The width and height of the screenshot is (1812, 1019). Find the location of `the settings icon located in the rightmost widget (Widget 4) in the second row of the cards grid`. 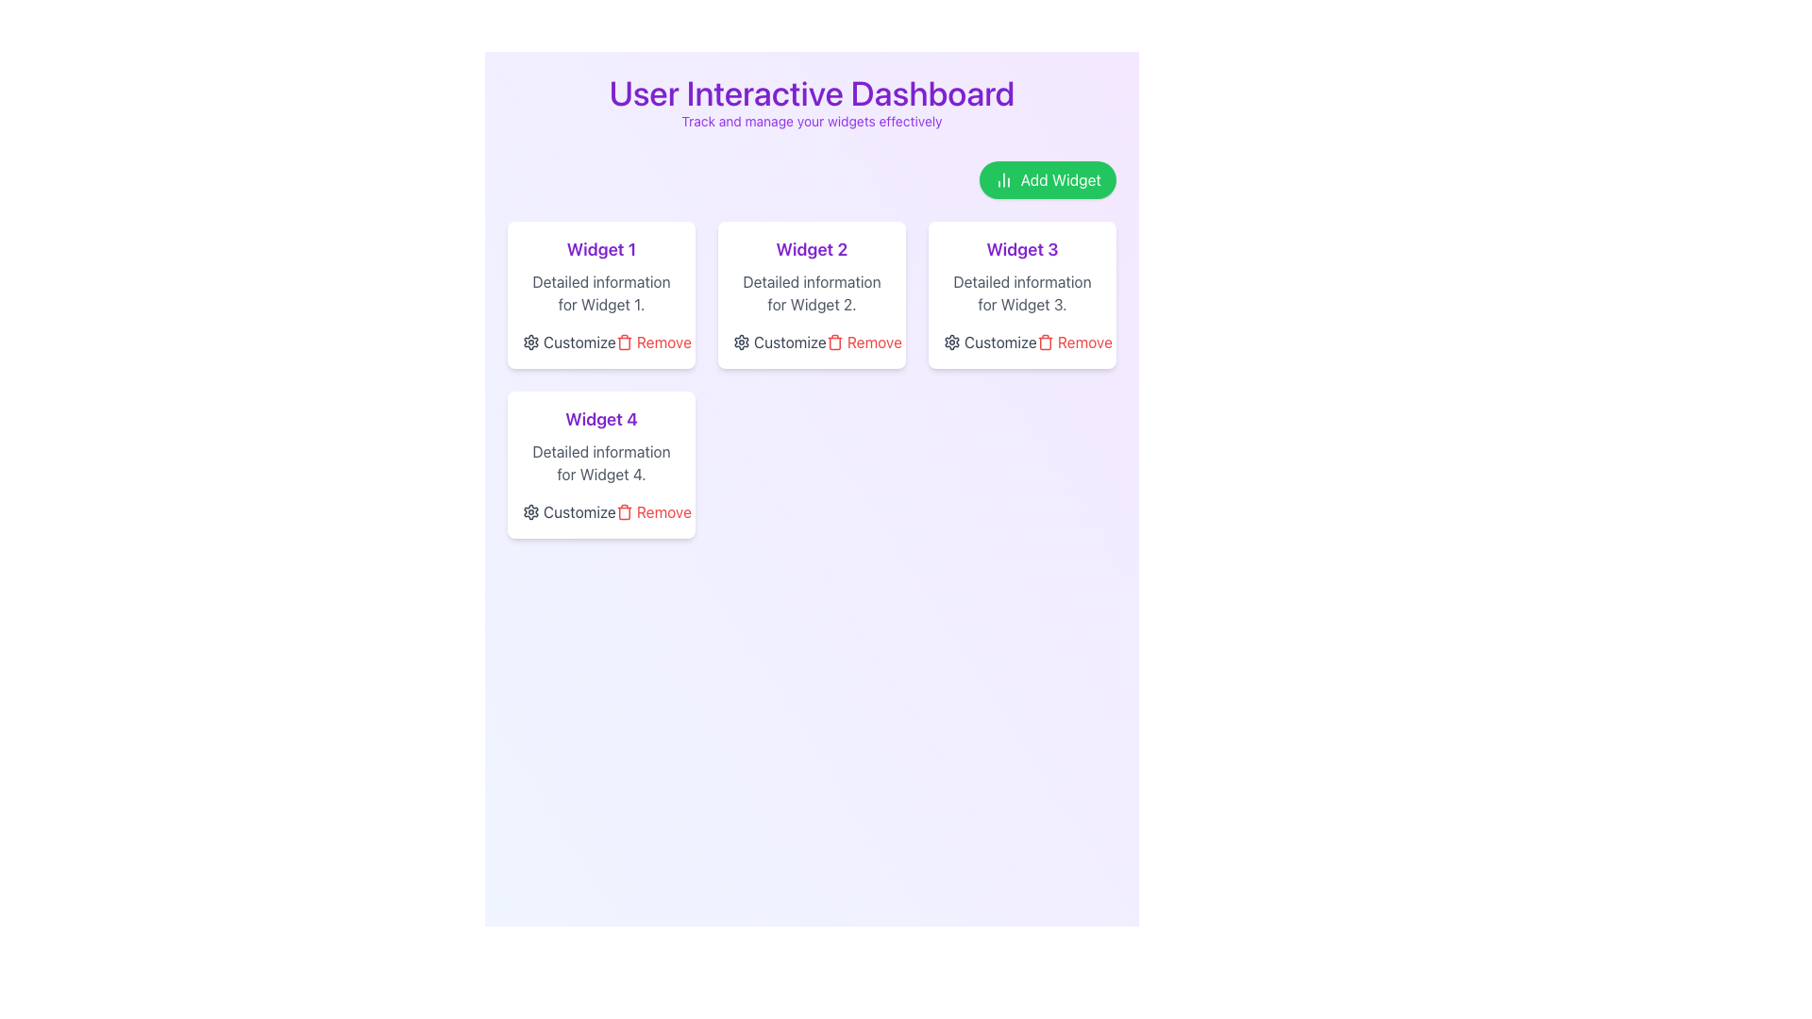

the settings icon located in the rightmost widget (Widget 4) in the second row of the cards grid is located at coordinates (529, 512).